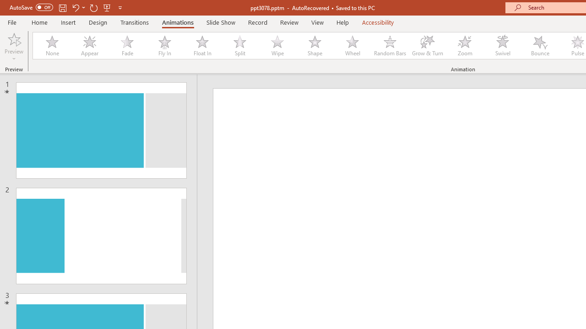  Describe the element at coordinates (352, 46) in the screenshot. I see `'Wheel'` at that location.